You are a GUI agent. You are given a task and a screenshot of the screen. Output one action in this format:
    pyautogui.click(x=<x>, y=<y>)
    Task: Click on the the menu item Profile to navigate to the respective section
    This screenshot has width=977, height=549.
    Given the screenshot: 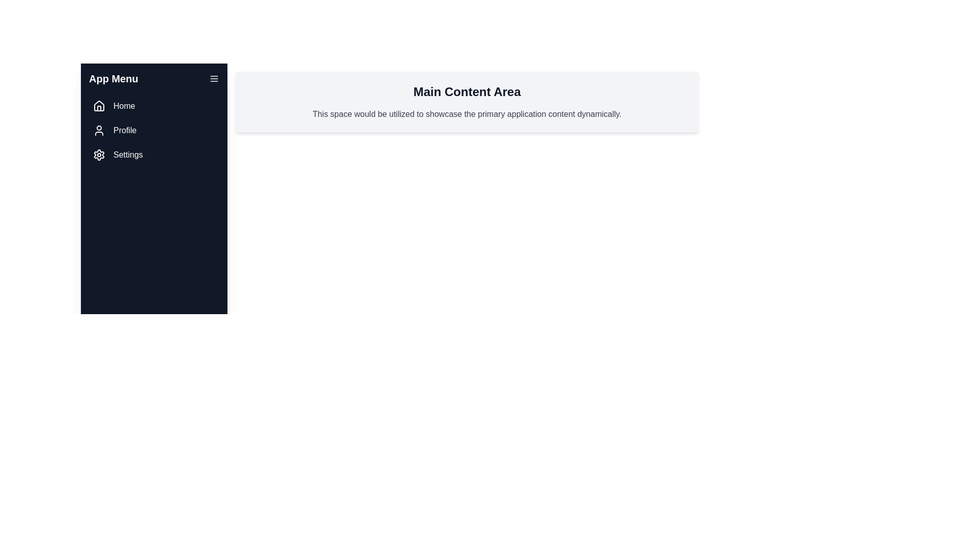 What is the action you would take?
    pyautogui.click(x=153, y=130)
    